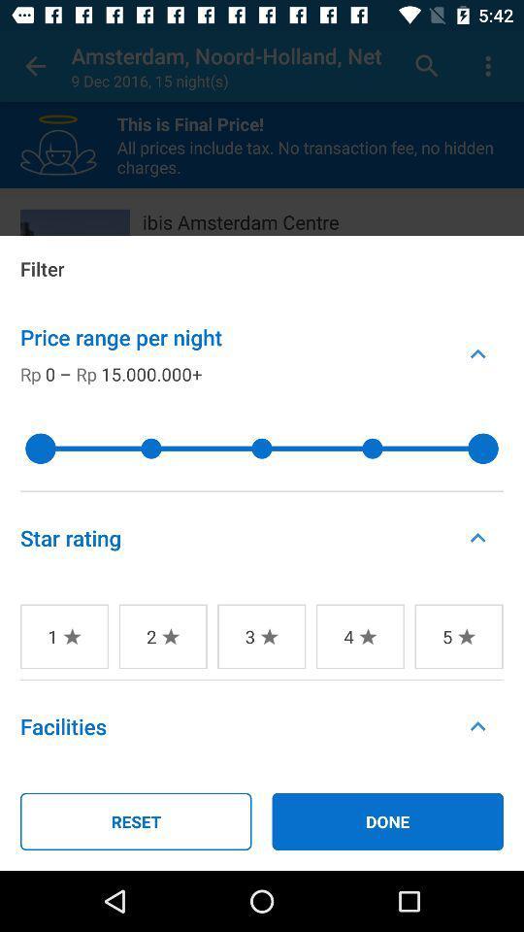 This screenshot has height=932, width=524. What do you see at coordinates (387, 820) in the screenshot?
I see `the item to the right of reset` at bounding box center [387, 820].